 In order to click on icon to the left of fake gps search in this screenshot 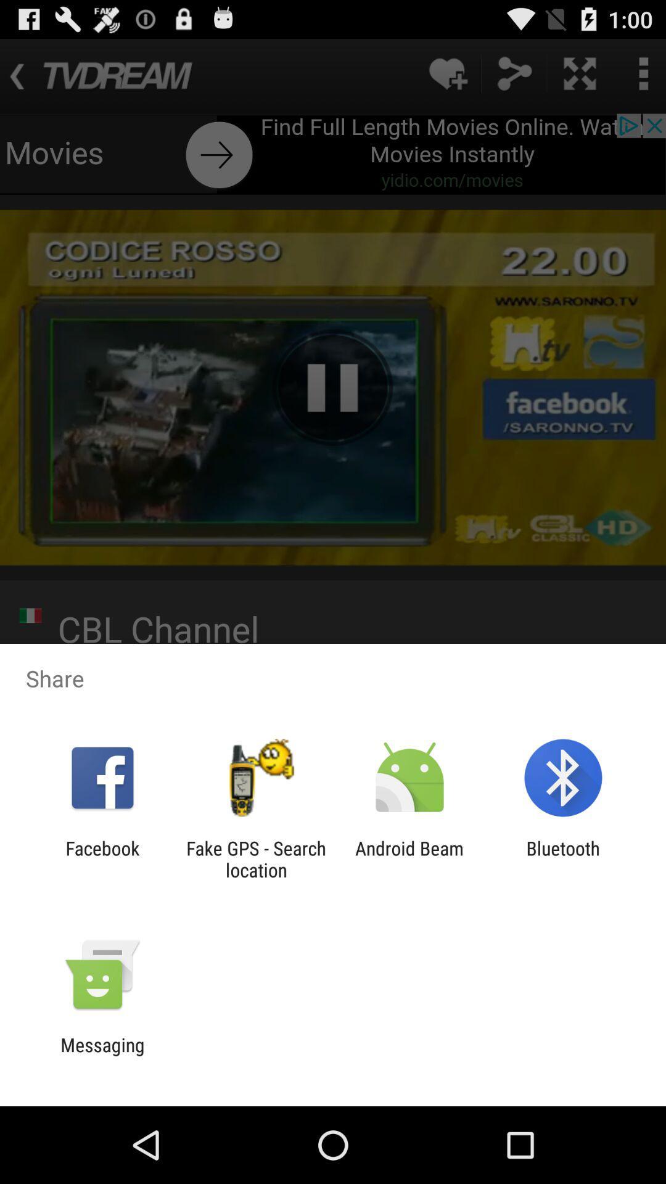, I will do `click(102, 858)`.